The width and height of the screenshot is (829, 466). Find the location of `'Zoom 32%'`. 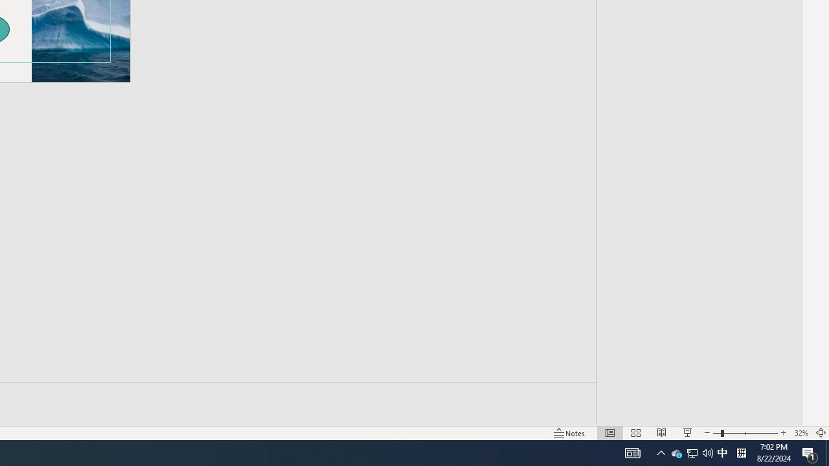

'Zoom 32%' is located at coordinates (801, 433).